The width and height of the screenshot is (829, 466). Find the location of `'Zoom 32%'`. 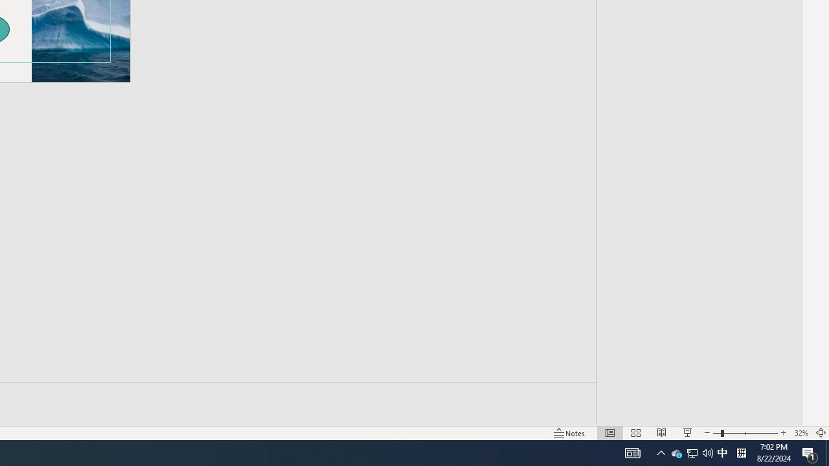

'Zoom 32%' is located at coordinates (801, 433).